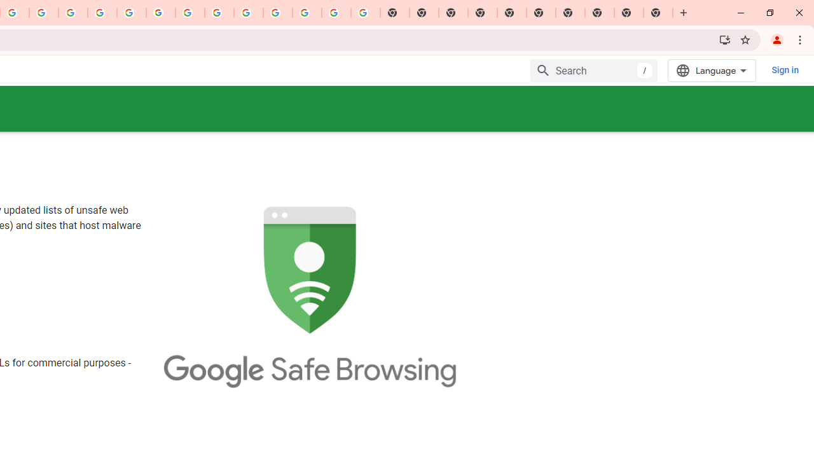 The height and width of the screenshot is (458, 814). What do you see at coordinates (190, 13) in the screenshot?
I see `'YouTube'` at bounding box center [190, 13].